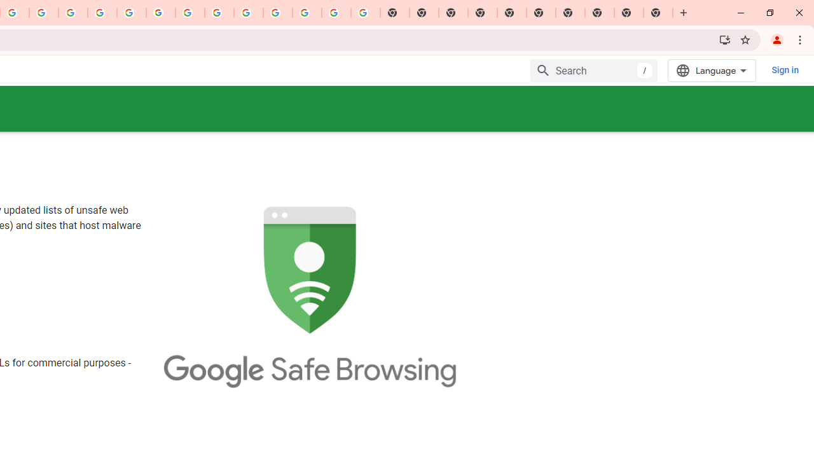 The height and width of the screenshot is (458, 814). What do you see at coordinates (190, 13) in the screenshot?
I see `'YouTube'` at bounding box center [190, 13].